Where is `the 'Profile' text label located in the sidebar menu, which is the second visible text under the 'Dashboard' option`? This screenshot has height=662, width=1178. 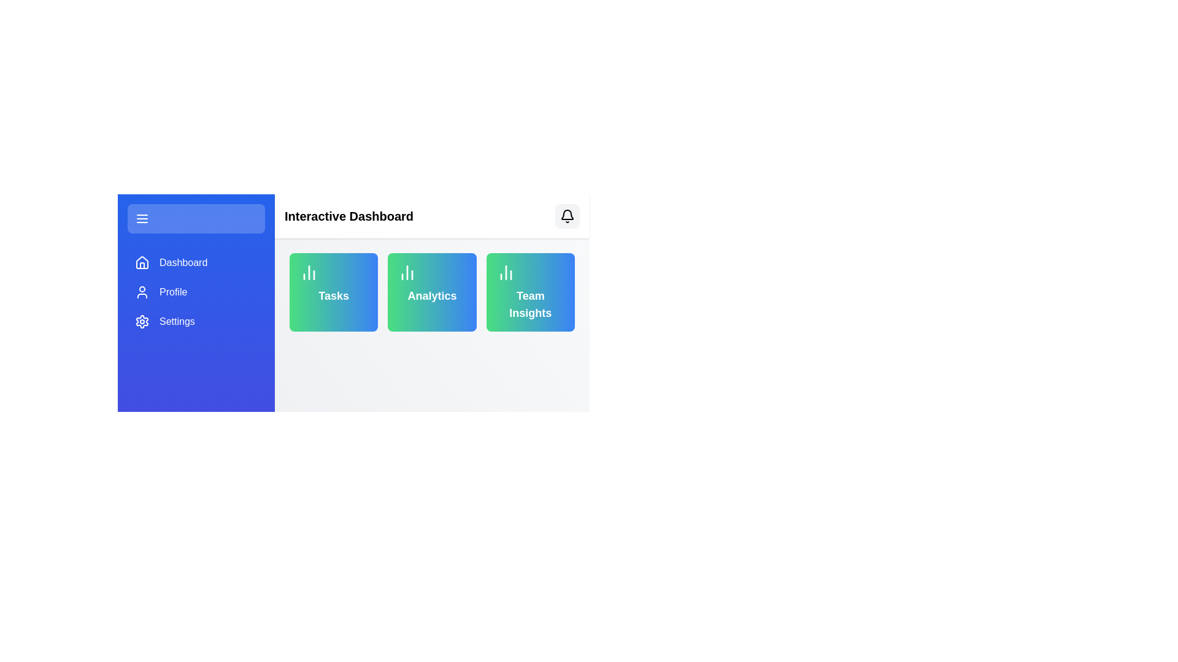 the 'Profile' text label located in the sidebar menu, which is the second visible text under the 'Dashboard' option is located at coordinates (172, 292).